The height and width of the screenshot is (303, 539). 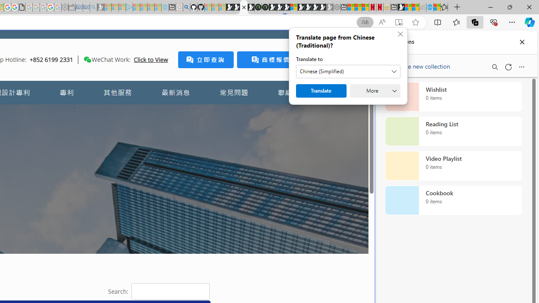 I want to click on 'Reading List collection, 0 items', so click(x=453, y=131).